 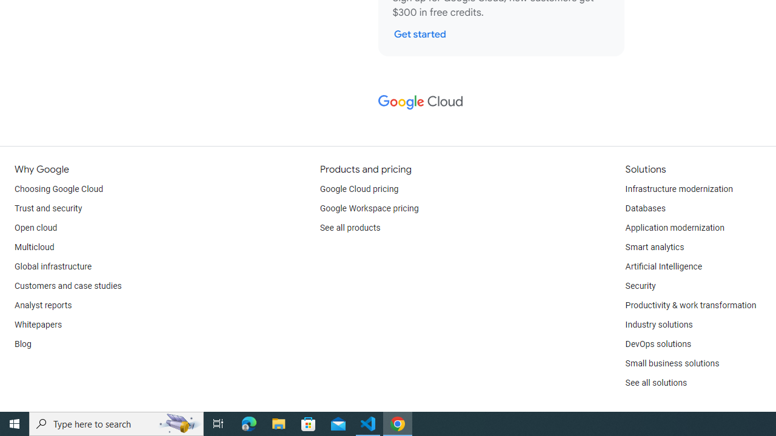 I want to click on 'Open cloud', so click(x=36, y=228).